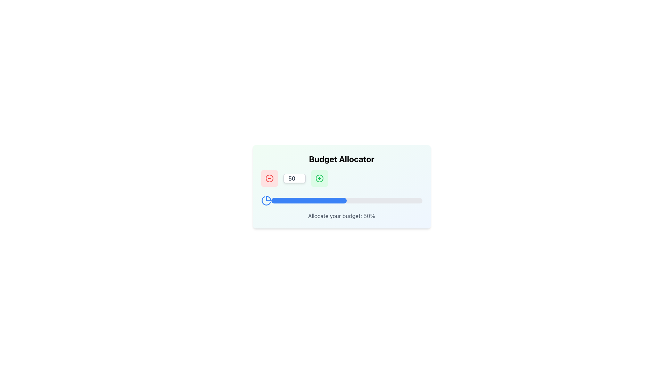 The height and width of the screenshot is (375, 667). I want to click on the decrement button located to the left of the numerical input field to reduce the displayed value, so click(269, 178).